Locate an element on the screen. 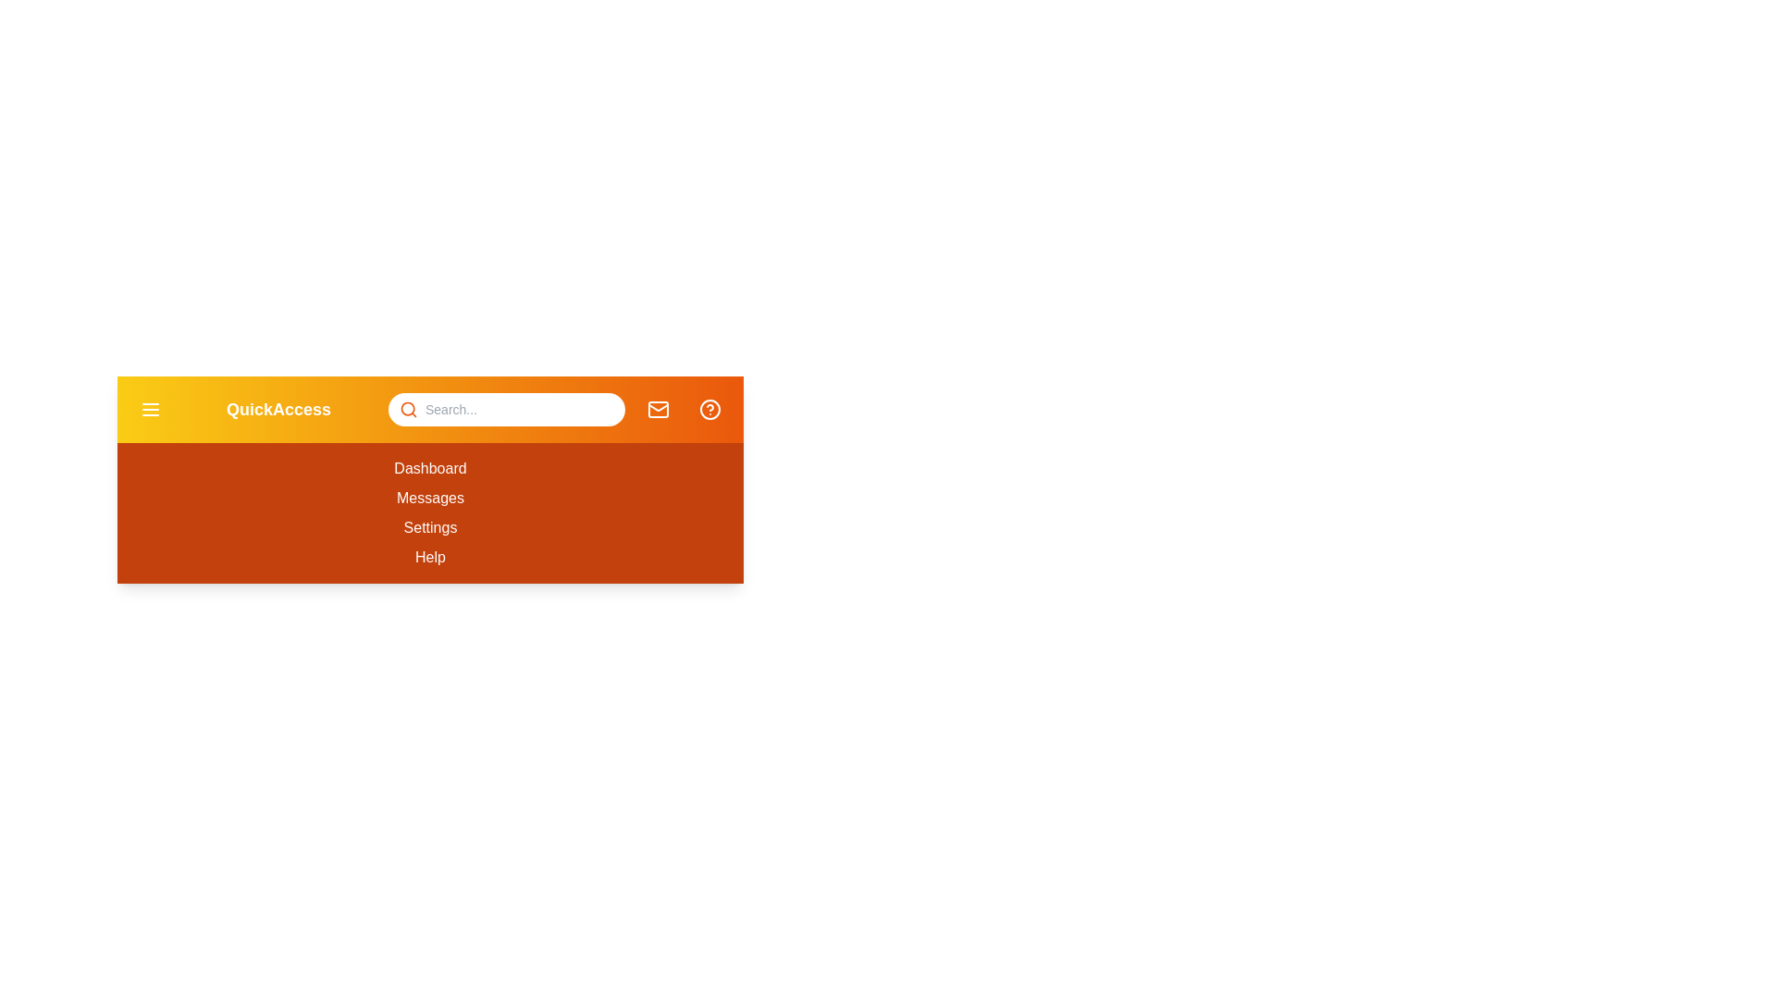 This screenshot has height=999, width=1776. the 'Settings' text link located in the navigation menu beneath 'Messages' is located at coordinates (429, 527).